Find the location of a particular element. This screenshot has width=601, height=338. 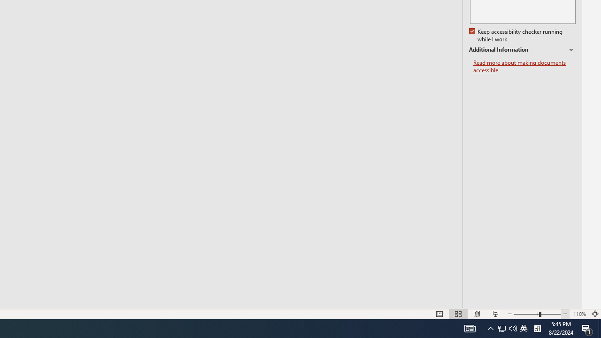

'Zoom' is located at coordinates (537, 314).